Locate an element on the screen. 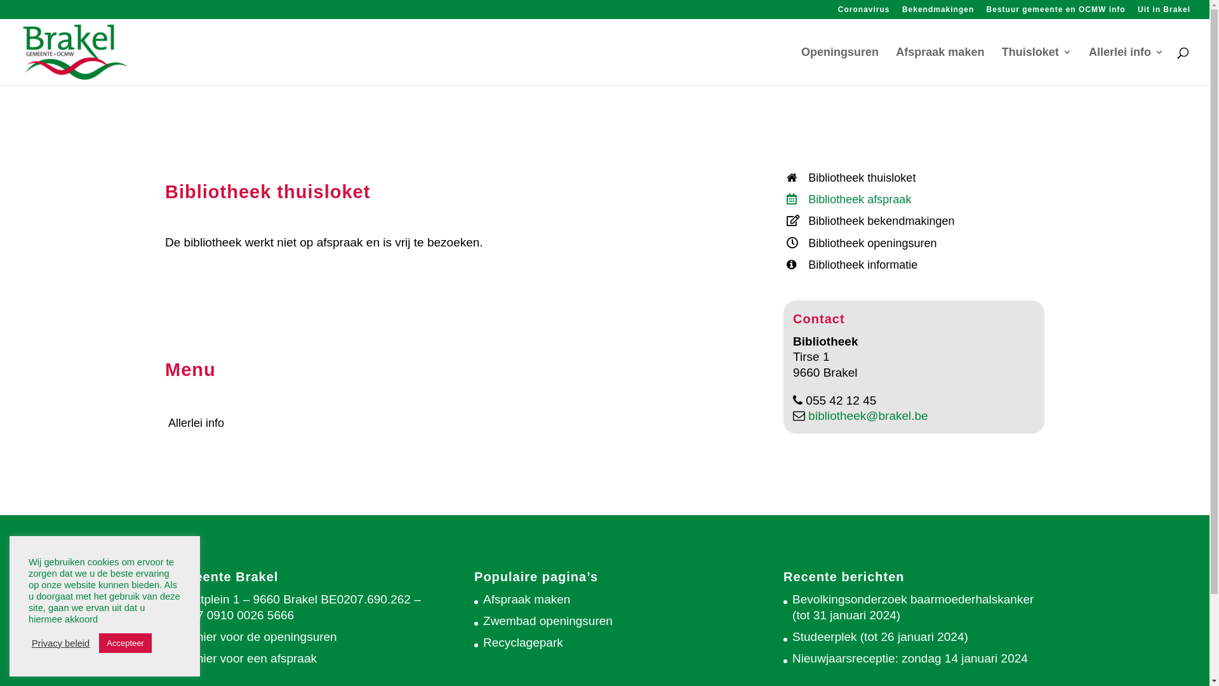  'Zwembad openingsuren' is located at coordinates (548, 620).